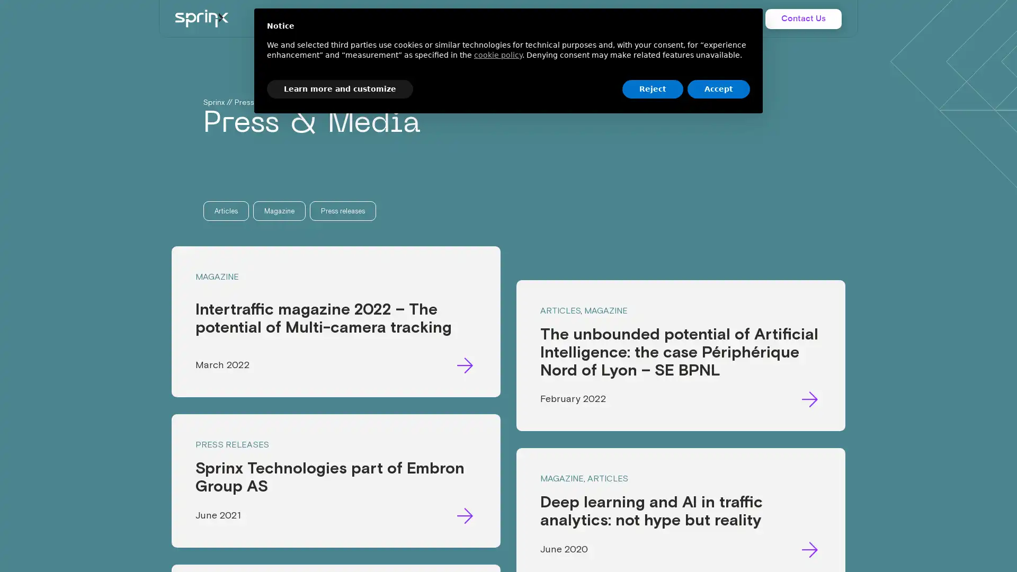 Image resolution: width=1017 pixels, height=572 pixels. I want to click on Learn more and customize, so click(340, 88).